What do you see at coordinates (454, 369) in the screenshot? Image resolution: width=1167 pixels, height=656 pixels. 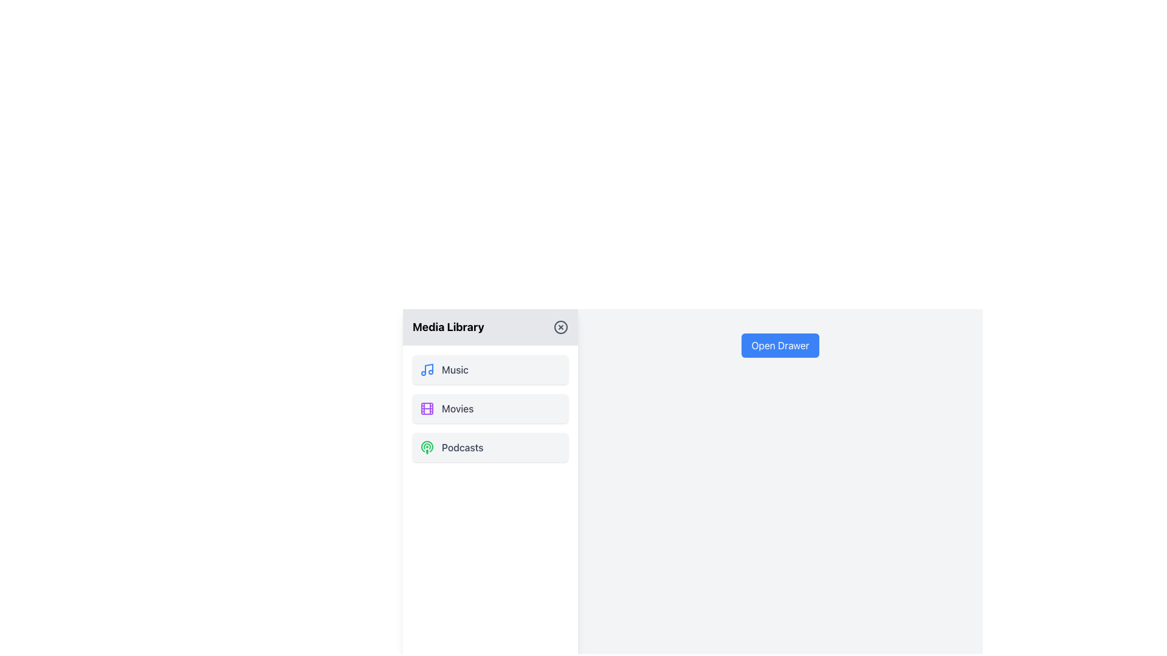 I see `the 'Music' text label in the Media Library sidebar, which identifies the media category and is placed next to the blue musical note icon` at bounding box center [454, 369].